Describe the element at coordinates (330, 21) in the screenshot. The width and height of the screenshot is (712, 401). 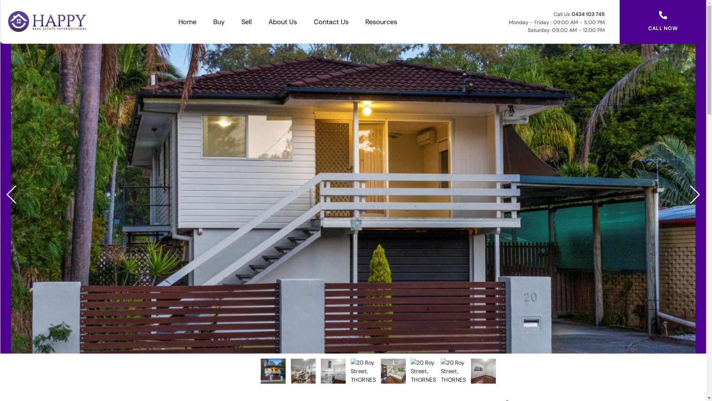
I see `'Contact Us'` at that location.